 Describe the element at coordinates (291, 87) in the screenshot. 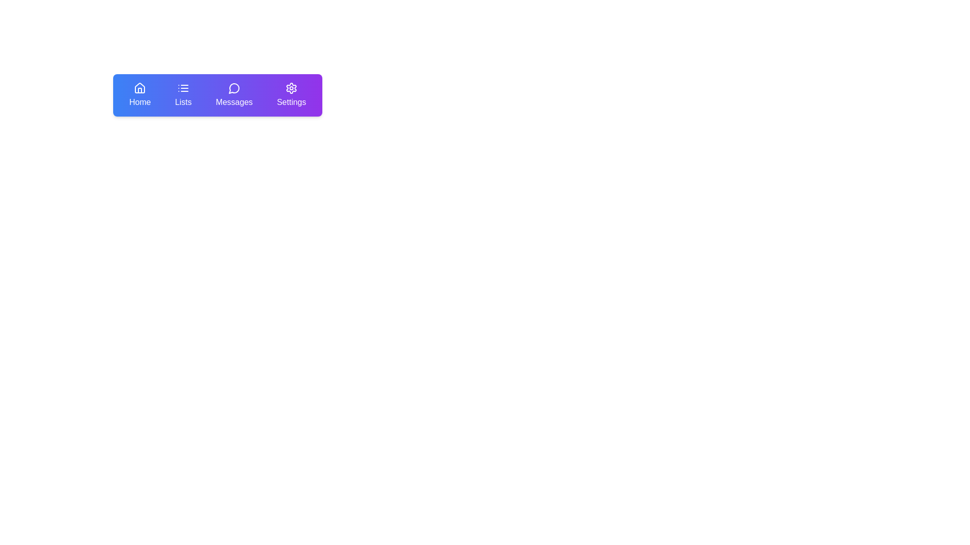

I see `the gear-shaped SVG icon located on the far right side of the navigational toolbar, adjacent to the 'Settings' label` at that location.